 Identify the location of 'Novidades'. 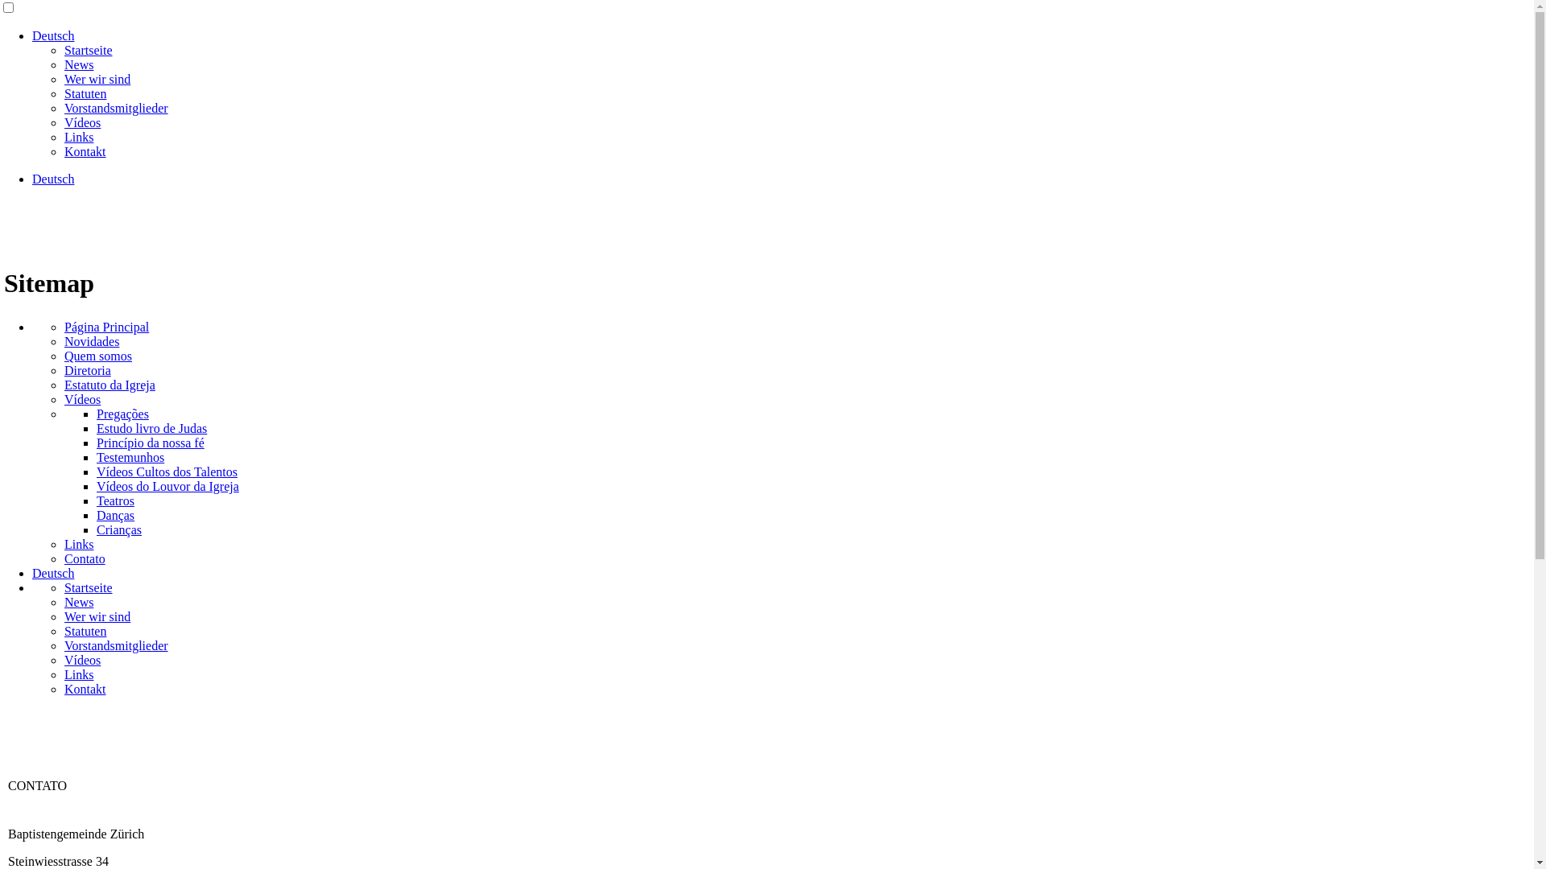
(91, 340).